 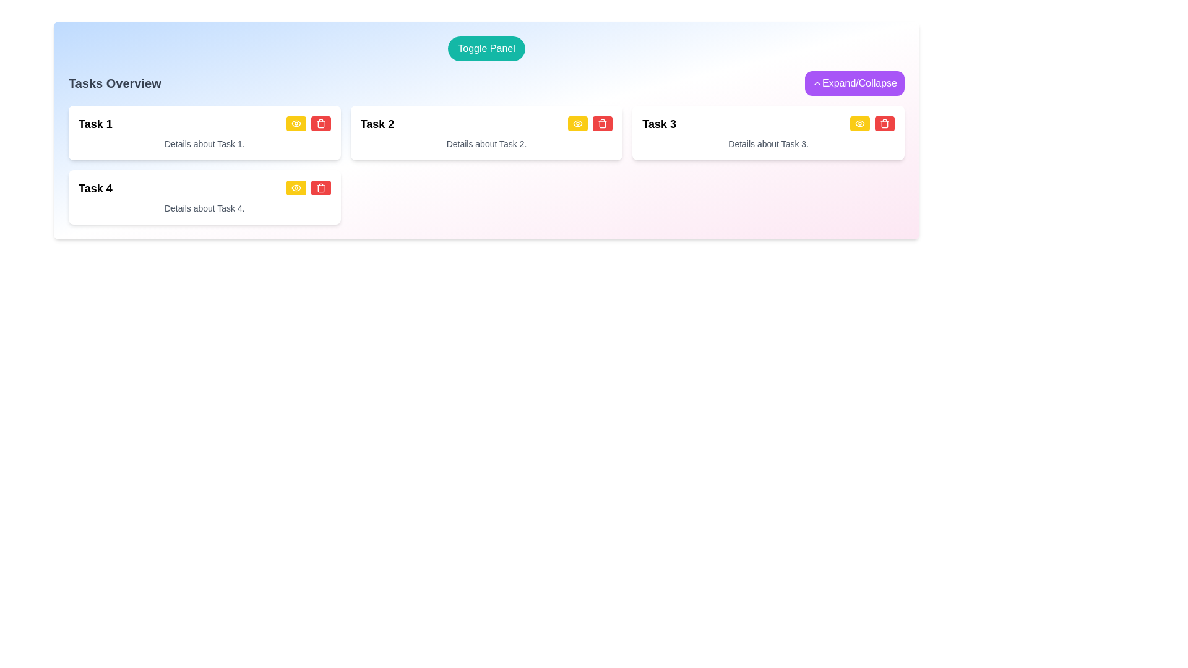 I want to click on descriptive text displayed in the text box beneath the title of the 'Task 2' card, which is the second textual component in that card, so click(x=486, y=143).